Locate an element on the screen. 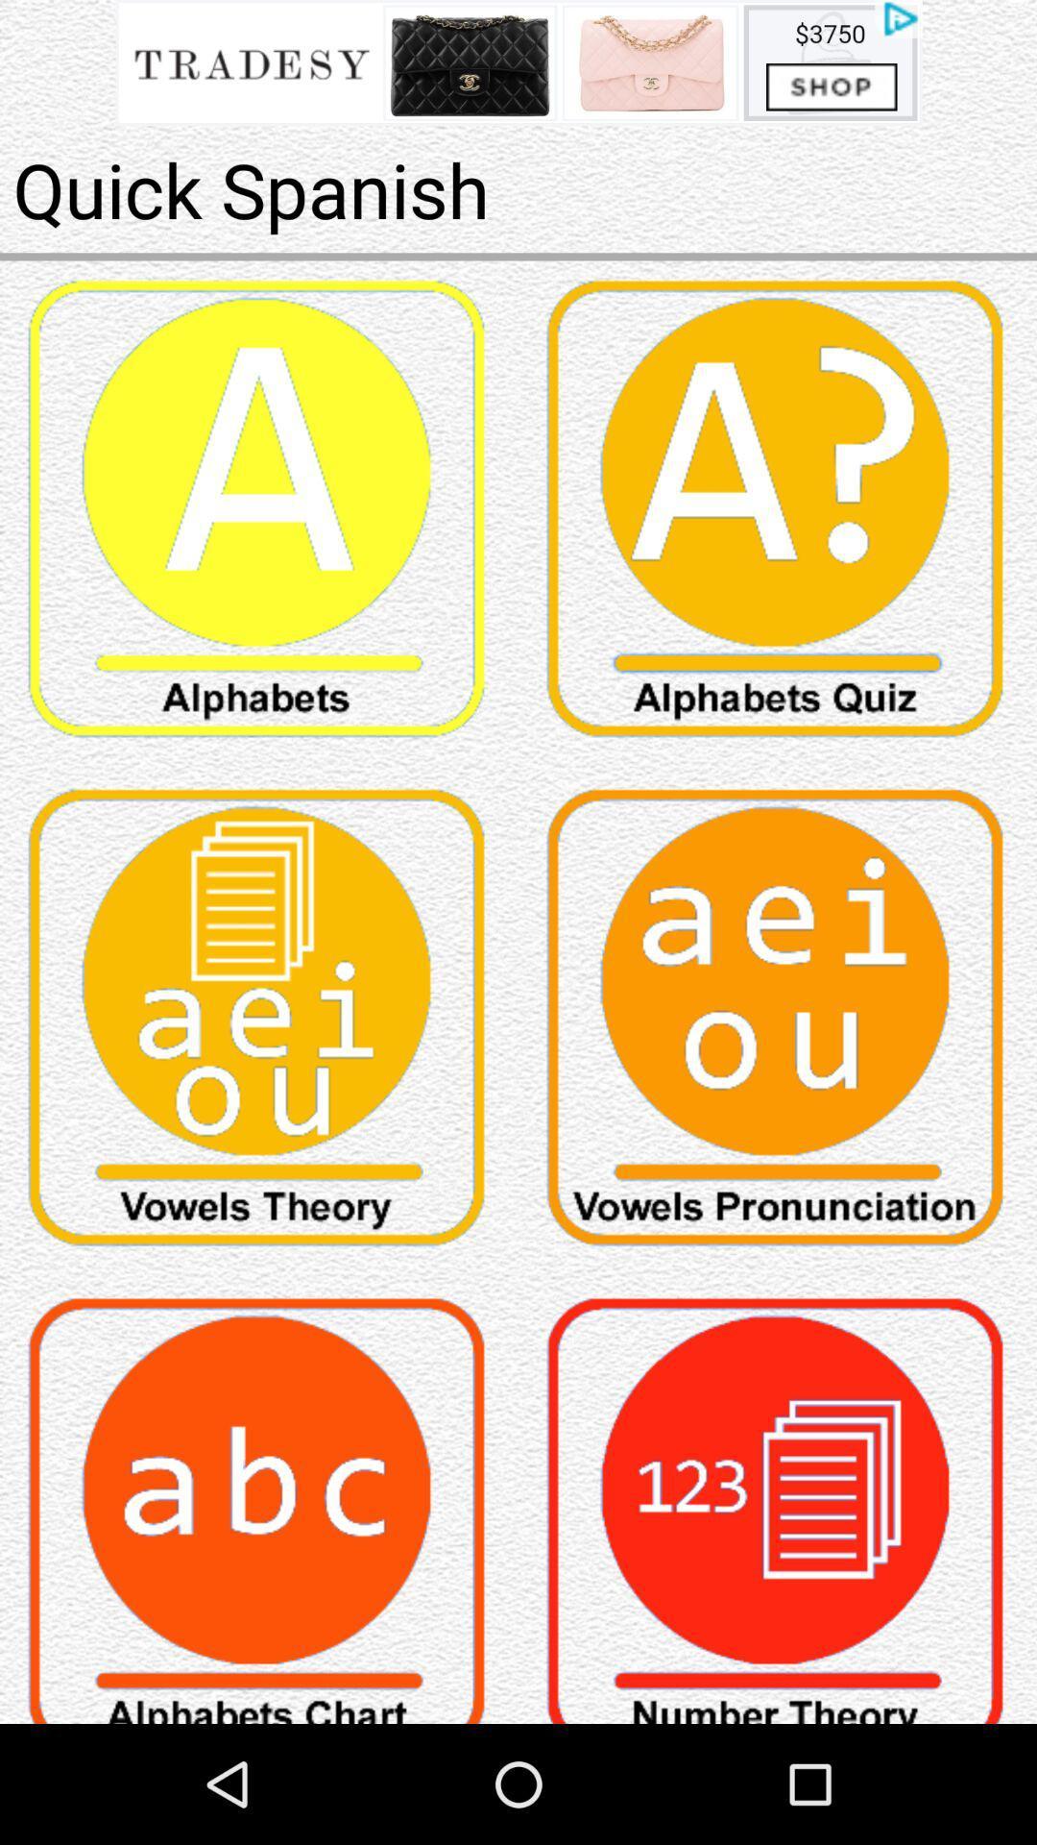 Image resolution: width=1037 pixels, height=1845 pixels. the pause icon is located at coordinates (61, 202).